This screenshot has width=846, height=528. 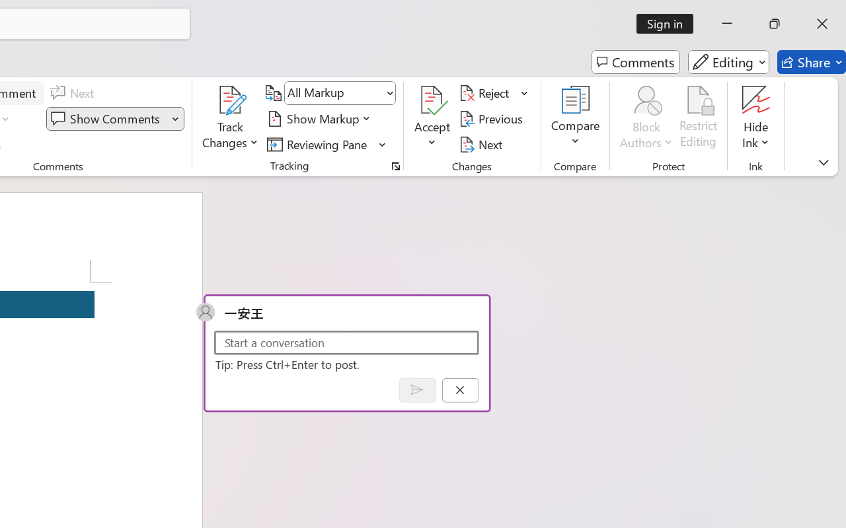 I want to click on 'Accept and Move to Next', so click(x=432, y=100).